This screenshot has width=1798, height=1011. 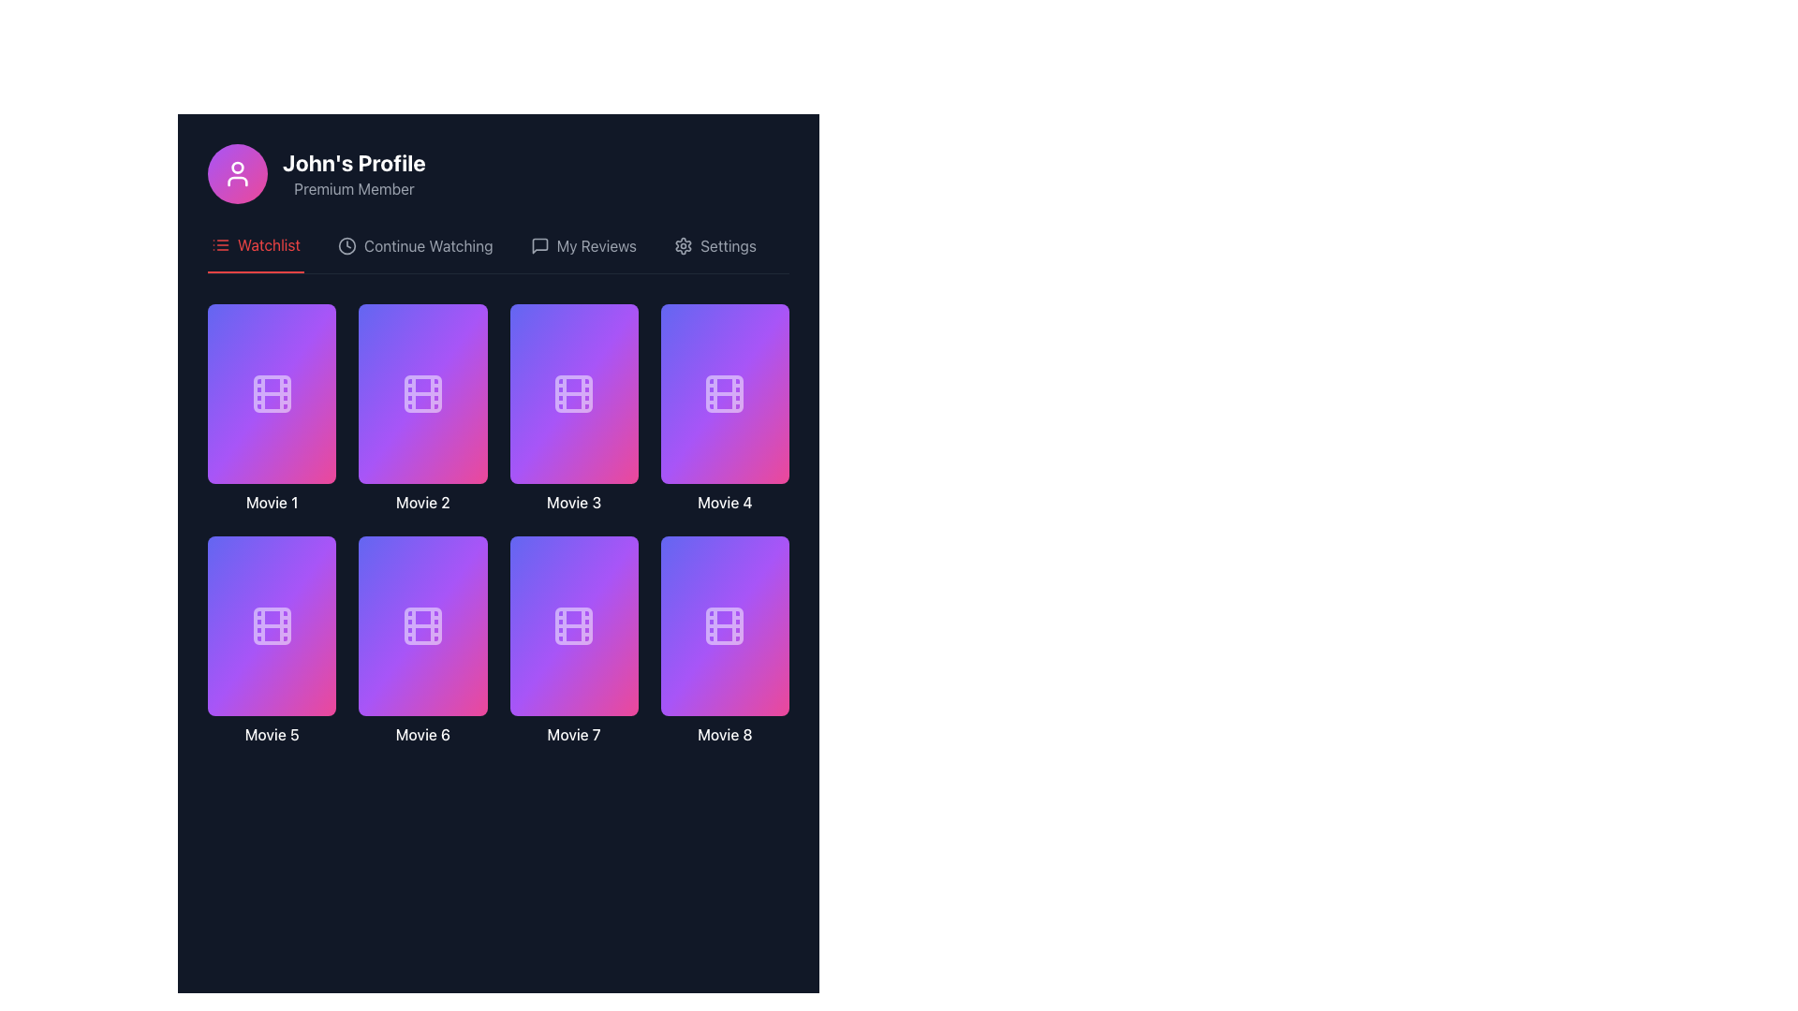 What do you see at coordinates (573, 625) in the screenshot?
I see `the rounded rectangle element that is part of the film icon in the 'Movie 7' card located in the second row, third column of the movie grid` at bounding box center [573, 625].